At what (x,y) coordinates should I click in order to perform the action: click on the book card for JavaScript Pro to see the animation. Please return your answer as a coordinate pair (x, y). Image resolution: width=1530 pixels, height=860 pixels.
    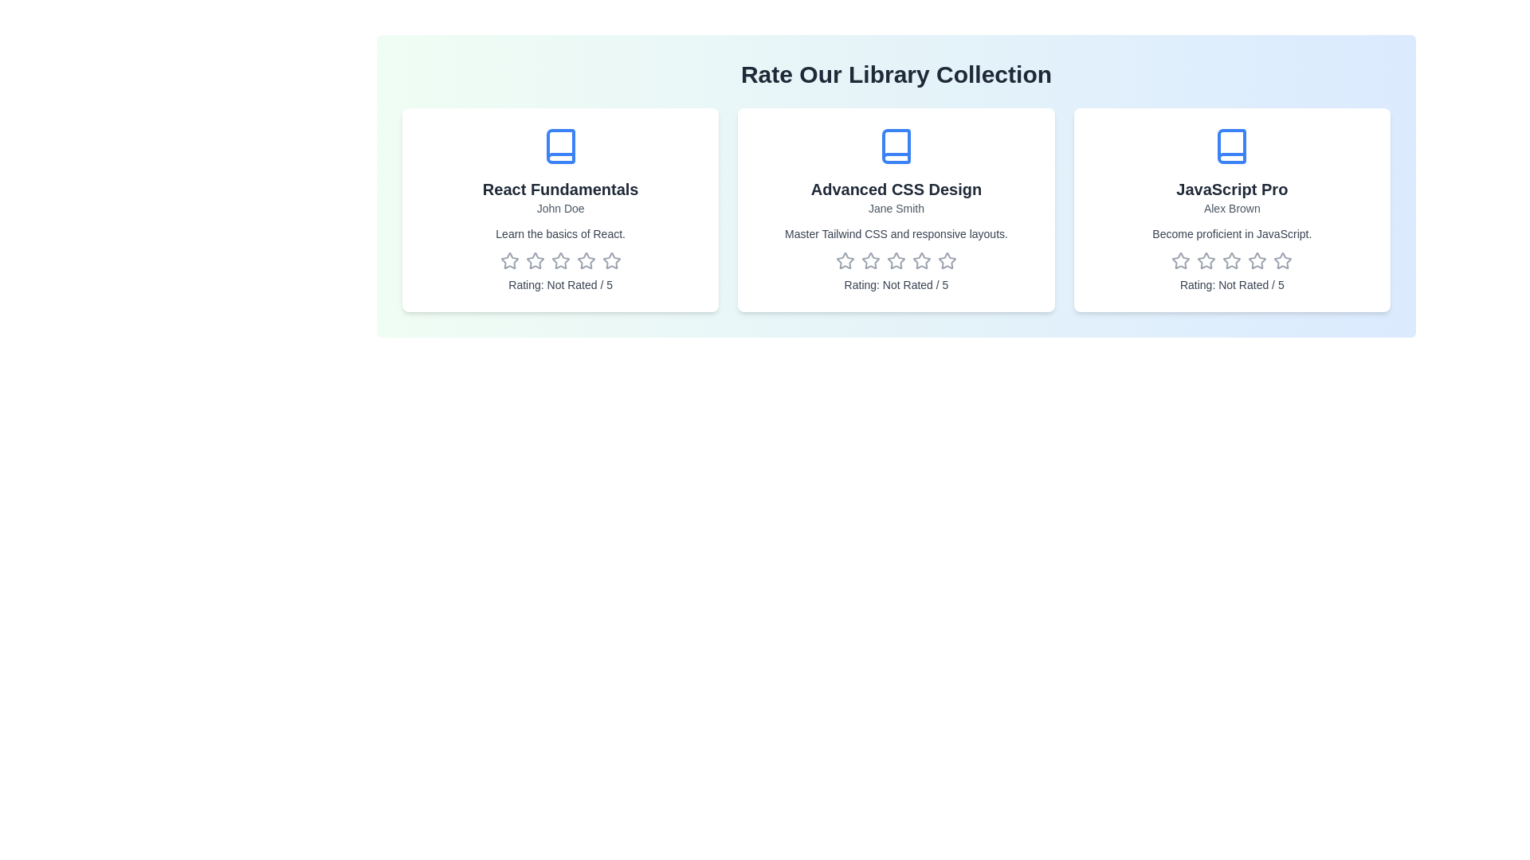
    Looking at the image, I should click on (1230, 209).